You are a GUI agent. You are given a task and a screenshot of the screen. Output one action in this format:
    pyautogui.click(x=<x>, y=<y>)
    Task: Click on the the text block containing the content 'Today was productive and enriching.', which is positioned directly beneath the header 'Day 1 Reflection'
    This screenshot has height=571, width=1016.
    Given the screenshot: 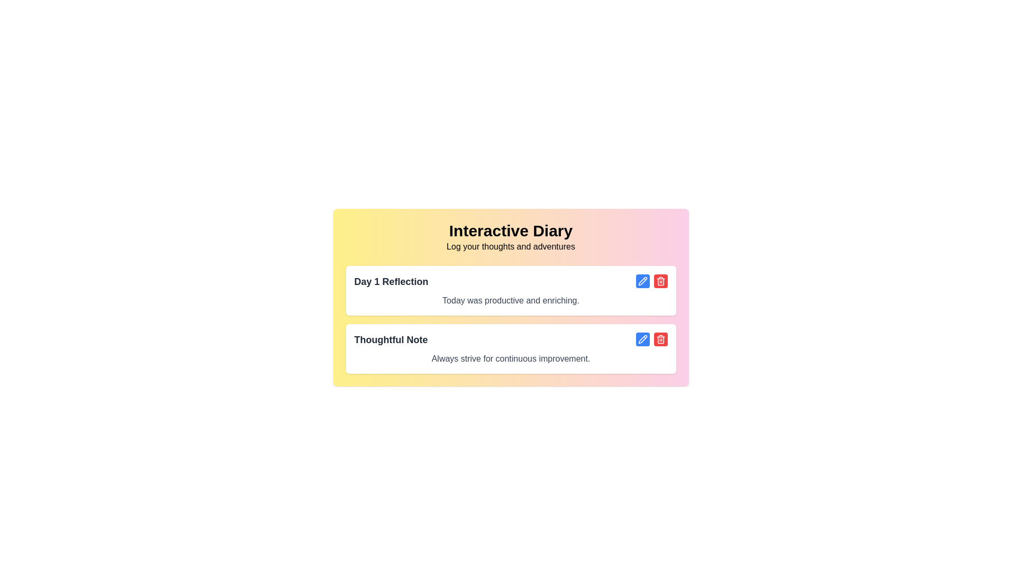 What is the action you would take?
    pyautogui.click(x=511, y=301)
    